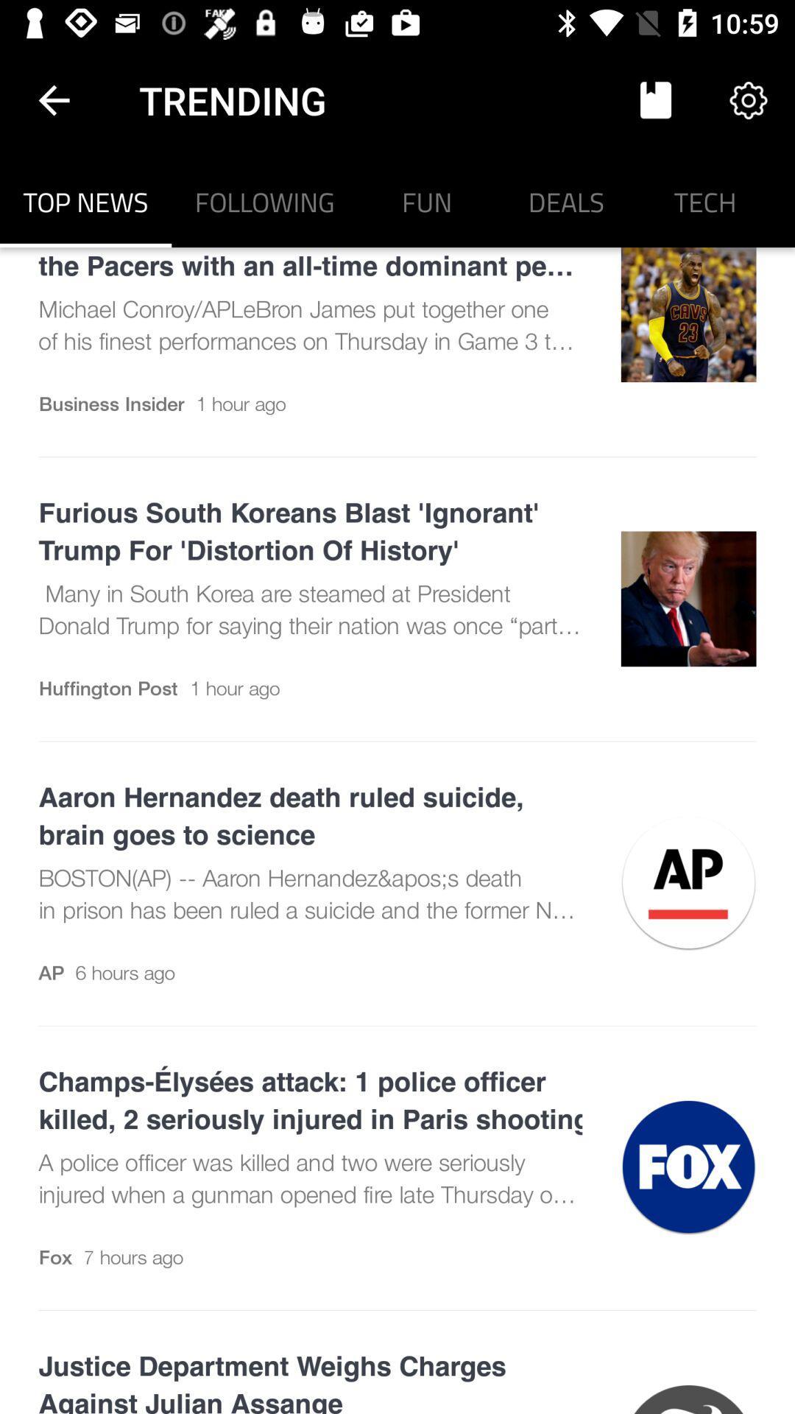 This screenshot has width=795, height=1414. Describe the element at coordinates (749, 99) in the screenshot. I see `item above tech` at that location.